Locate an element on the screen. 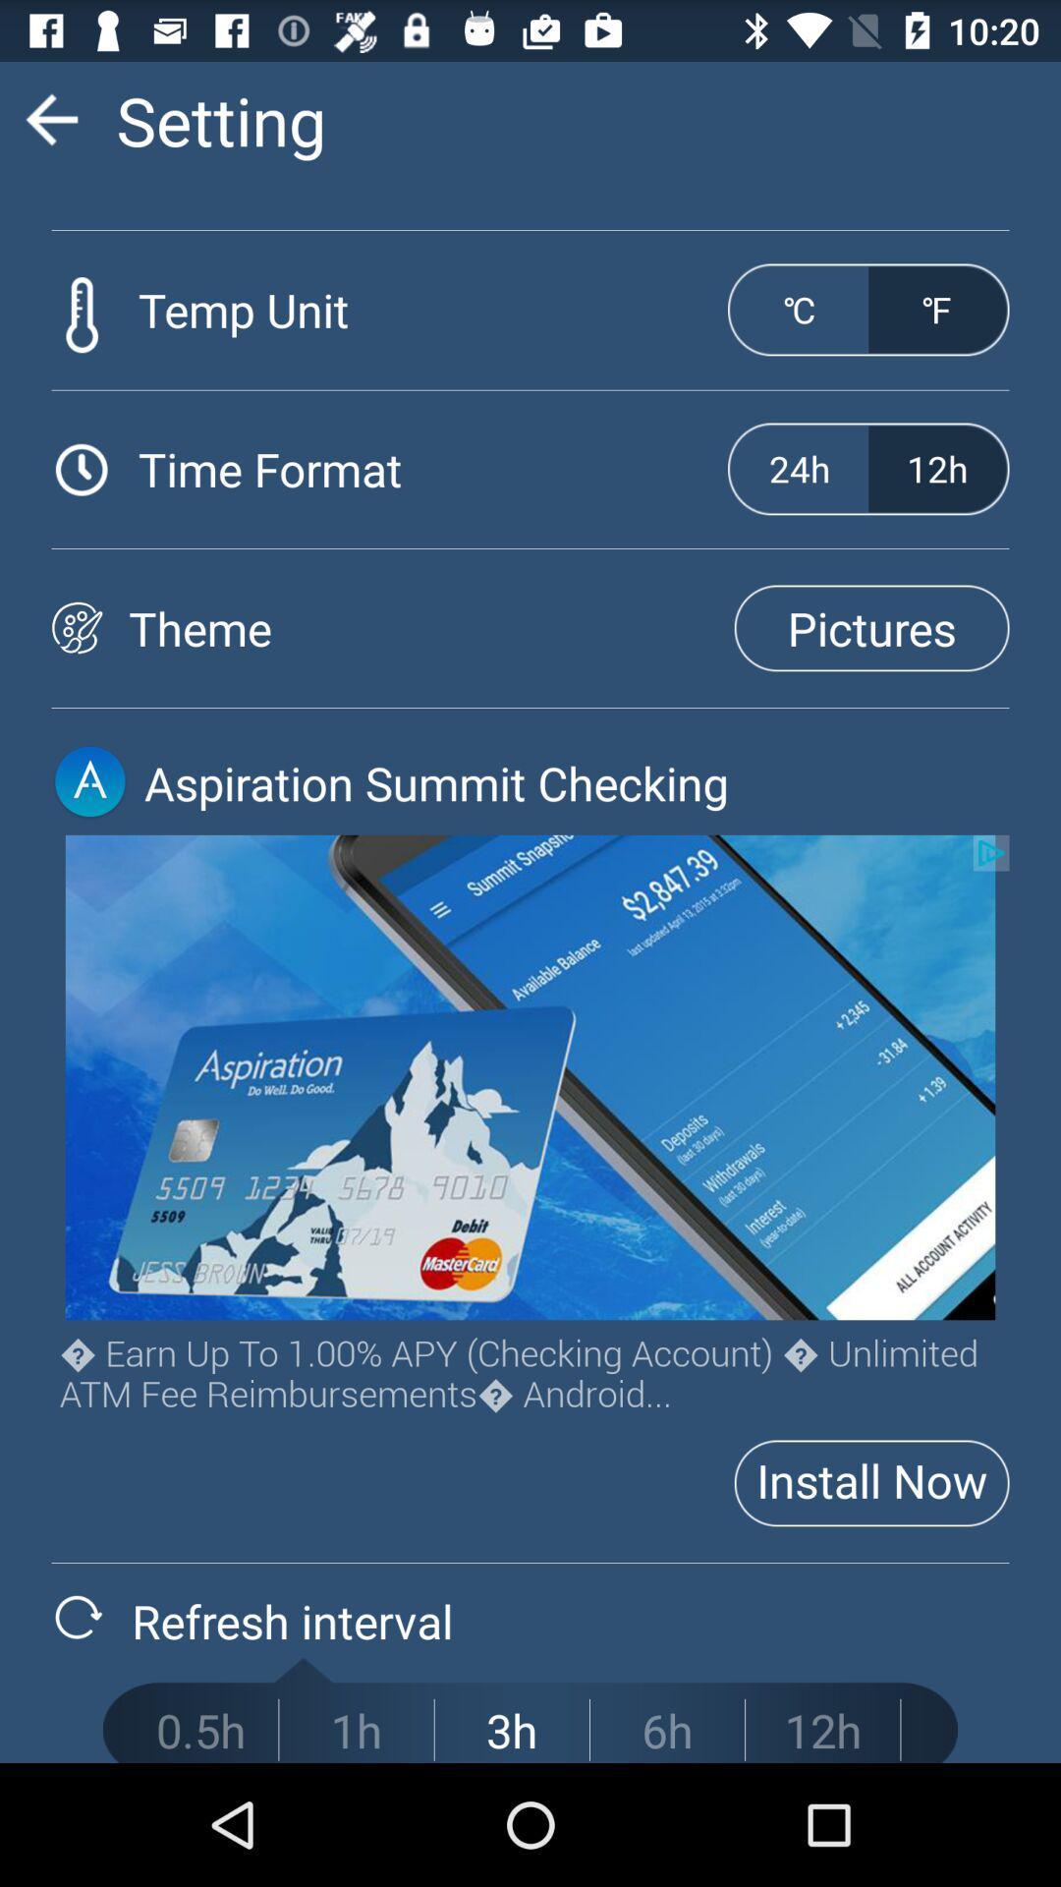  1h at the bottom of the page is located at coordinates (356, 1730).